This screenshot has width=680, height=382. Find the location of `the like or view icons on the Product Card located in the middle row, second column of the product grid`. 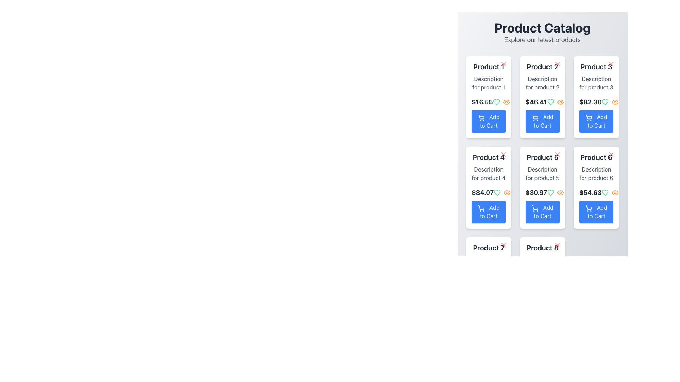

the like or view icons on the Product Card located in the middle row, second column of the product grid is located at coordinates (542, 187).